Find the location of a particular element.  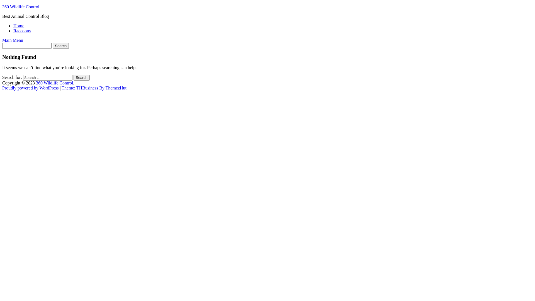

'Main Menu' is located at coordinates (13, 40).